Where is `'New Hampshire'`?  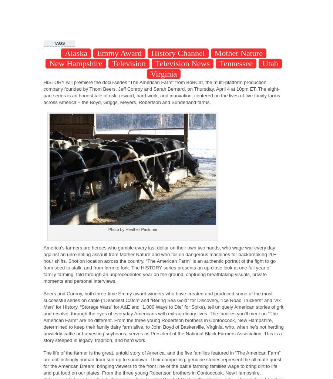 'New Hampshire' is located at coordinates (75, 63).